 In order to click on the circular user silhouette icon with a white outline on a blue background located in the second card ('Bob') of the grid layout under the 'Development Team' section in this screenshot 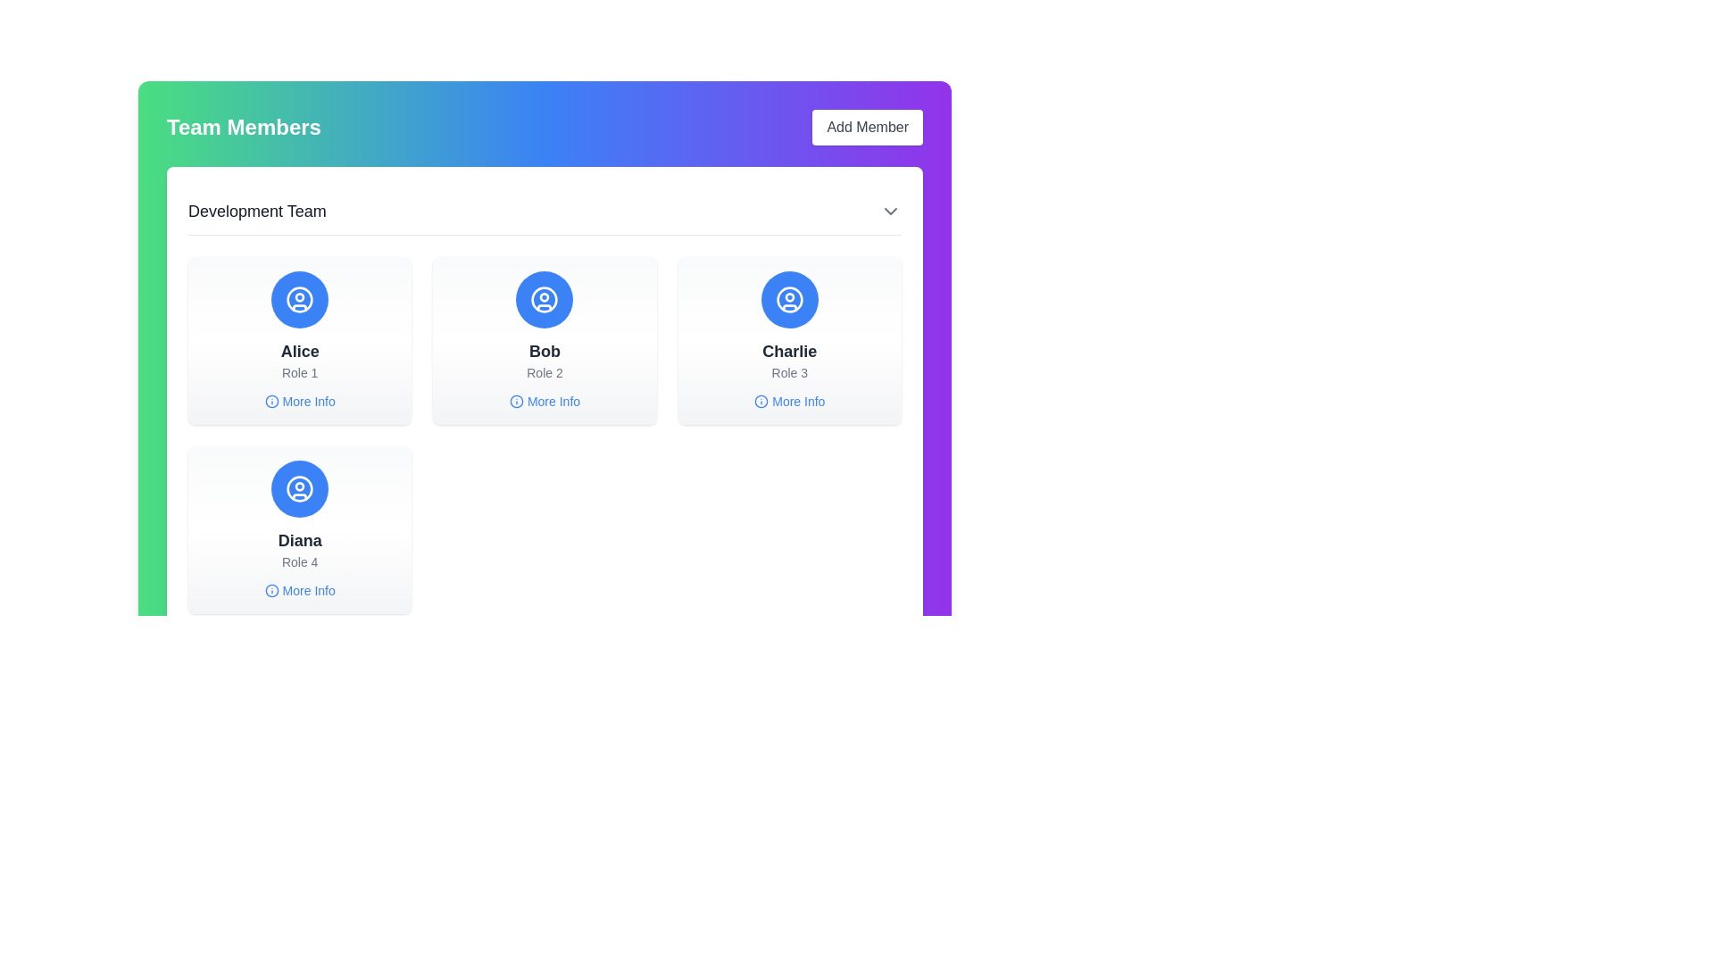, I will do `click(544, 298)`.